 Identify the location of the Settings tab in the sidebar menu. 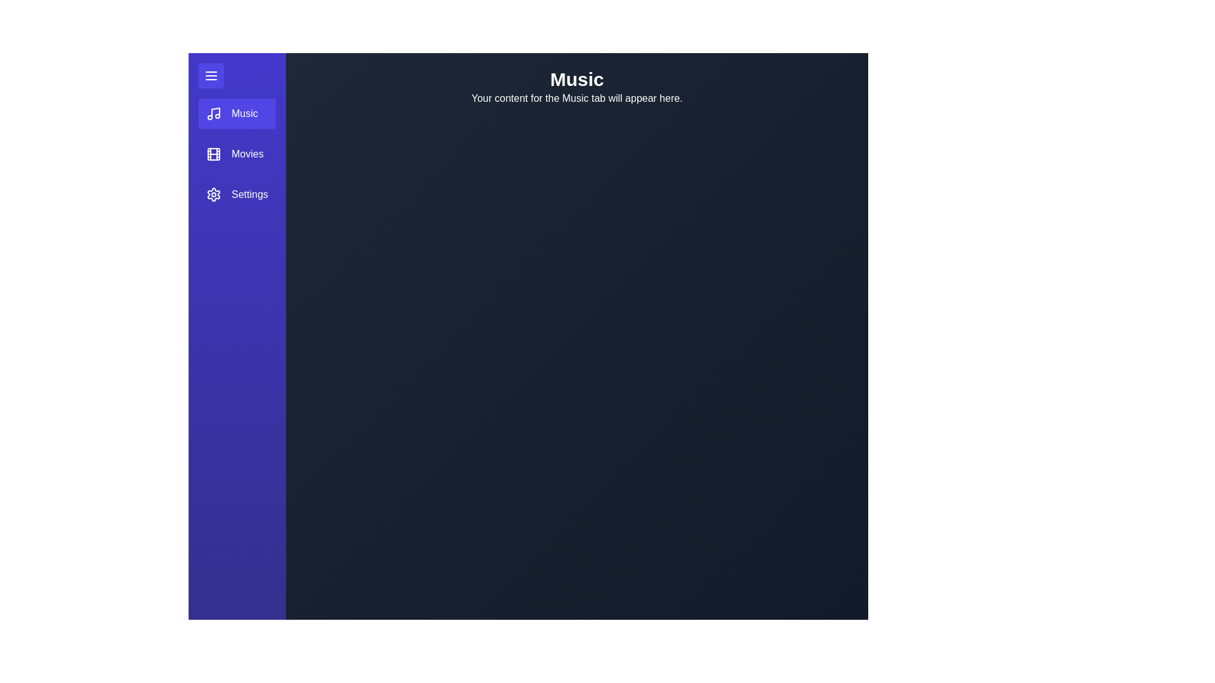
(237, 195).